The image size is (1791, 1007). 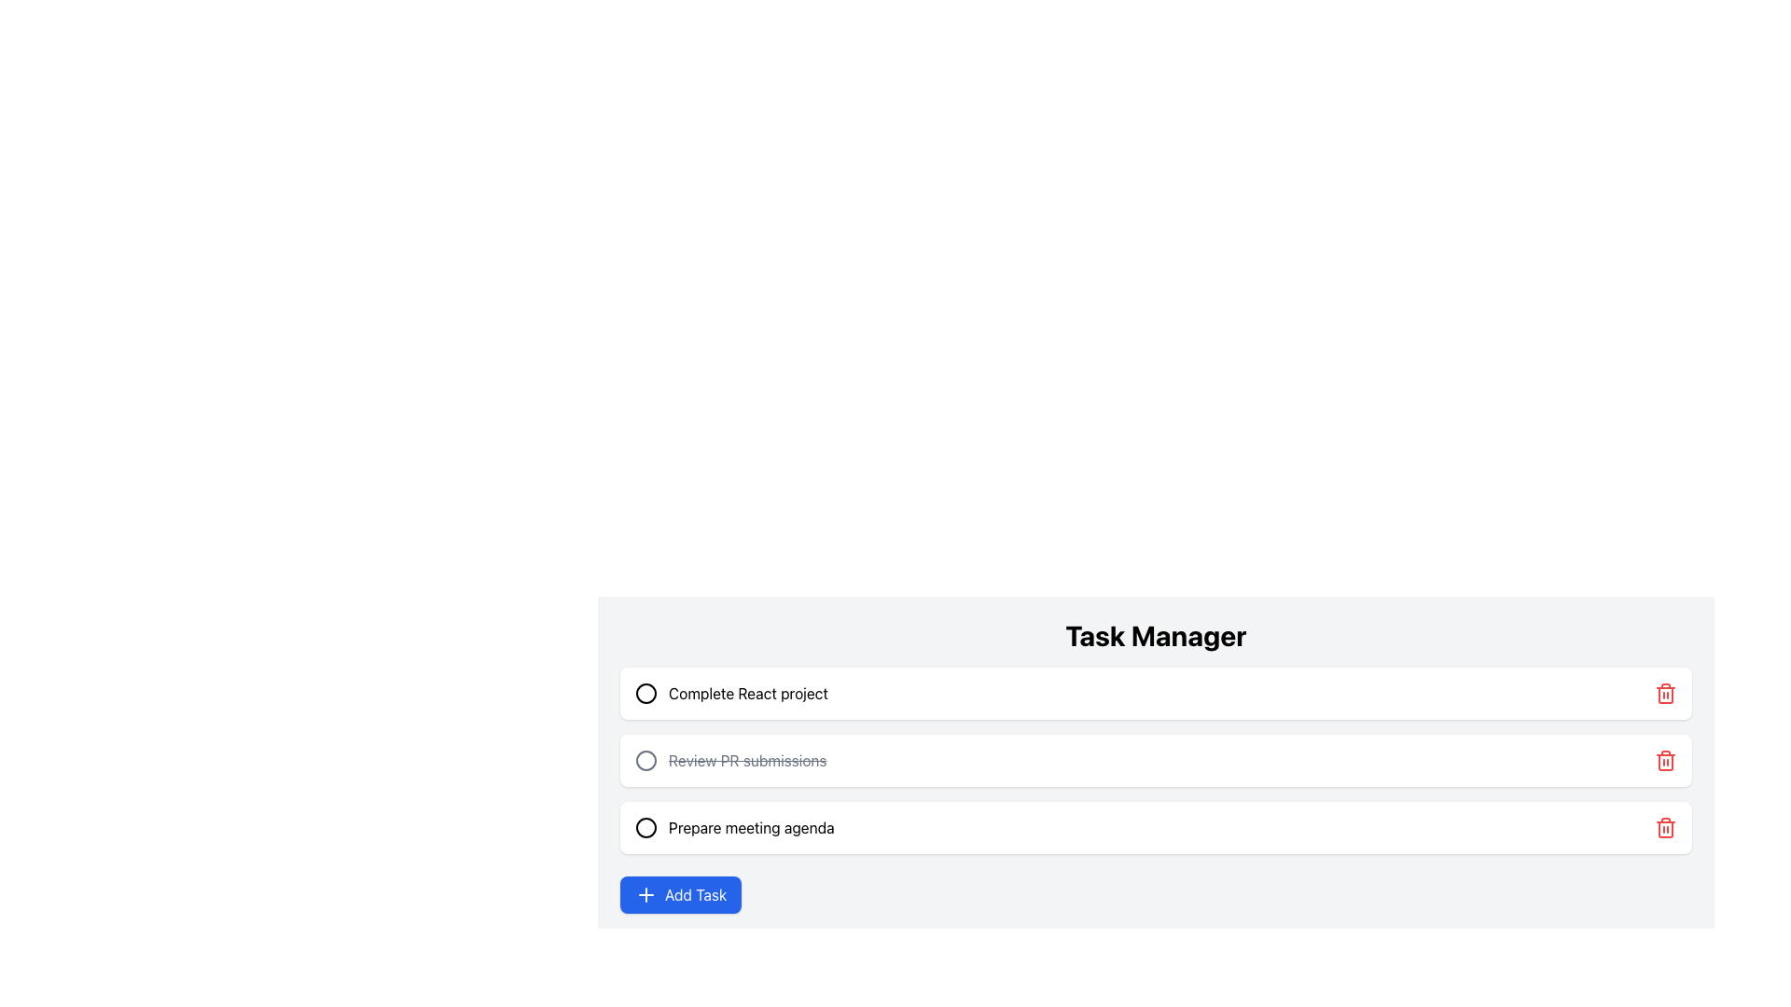 I want to click on the label displaying 'Complete React project', so click(x=730, y=694).